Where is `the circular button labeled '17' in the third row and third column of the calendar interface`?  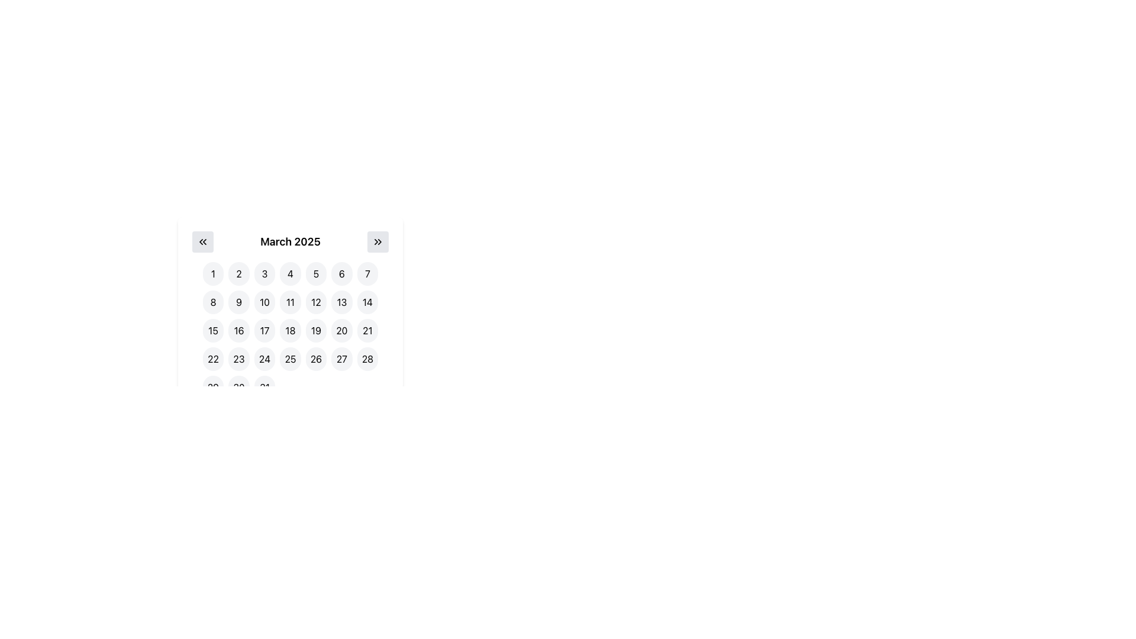 the circular button labeled '17' in the third row and third column of the calendar interface is located at coordinates (264, 331).